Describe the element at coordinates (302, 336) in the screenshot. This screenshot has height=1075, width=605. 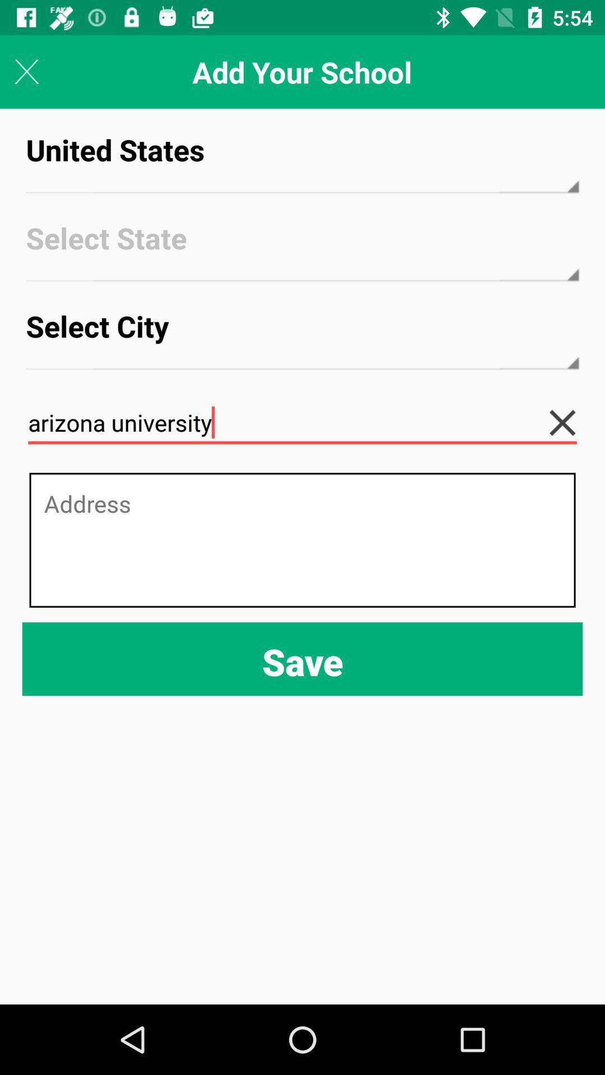
I see `the item below select state` at that location.